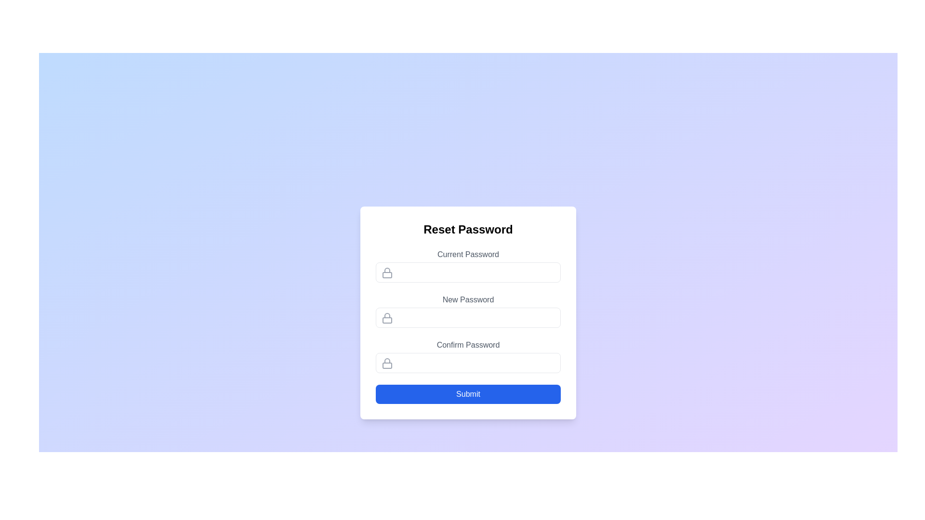 This screenshot has height=520, width=925. Describe the element at coordinates (468, 265) in the screenshot. I see `the 'Current Password' labeled text input field using keyboard tabbing for accessibility` at that location.